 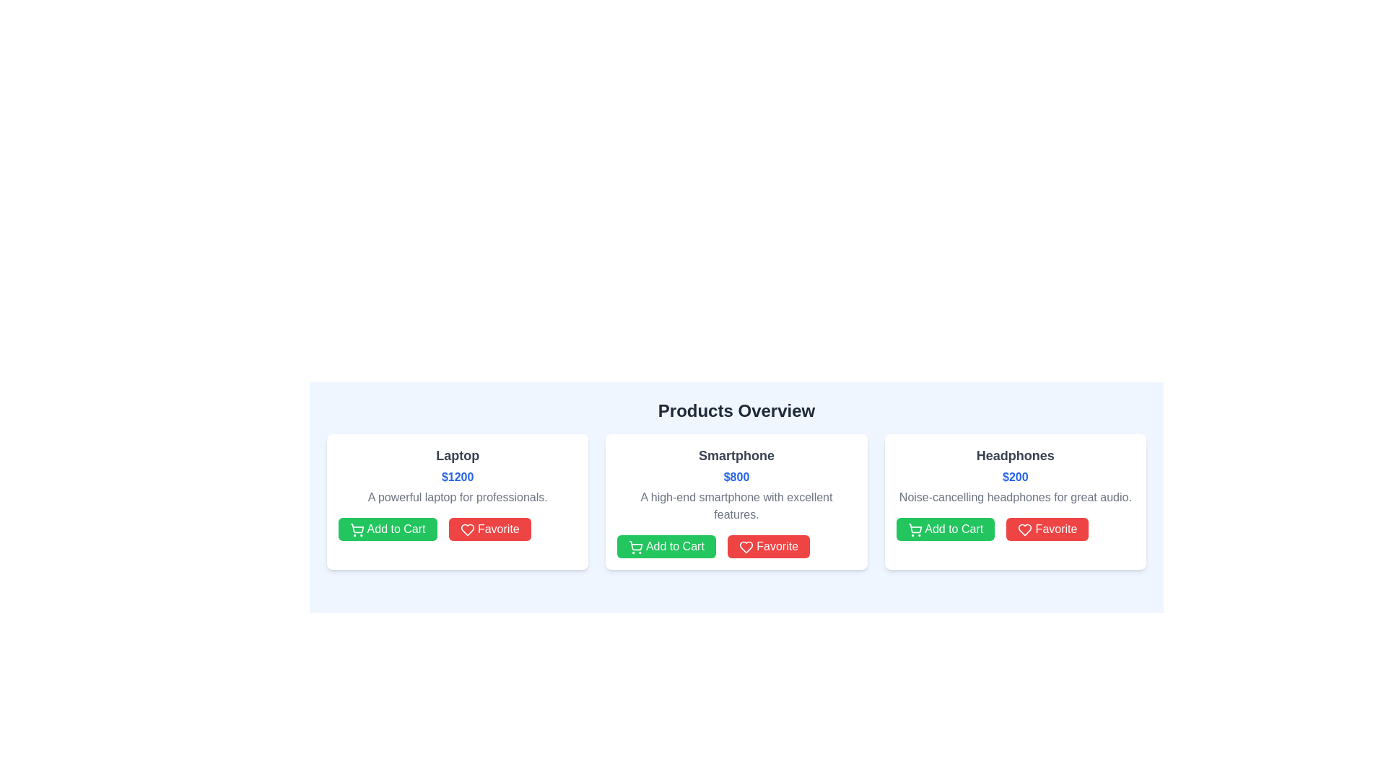 What do you see at coordinates (1024, 529) in the screenshot?
I see `the heart-shaped icon within the 'Favorite' button located at the bottom of the 'Headphones' product card` at bounding box center [1024, 529].